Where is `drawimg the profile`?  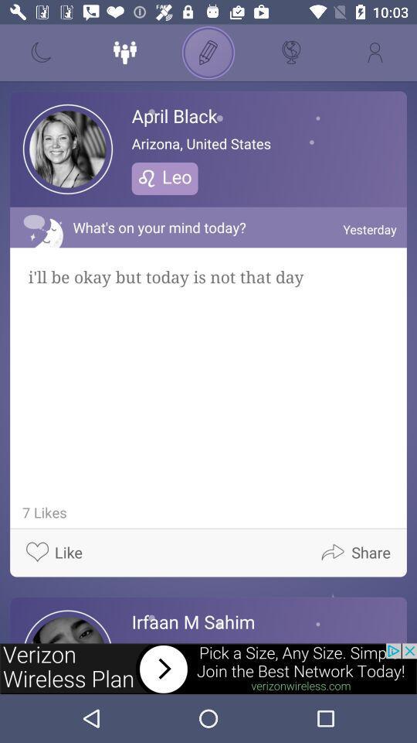
drawimg the profile is located at coordinates (208, 53).